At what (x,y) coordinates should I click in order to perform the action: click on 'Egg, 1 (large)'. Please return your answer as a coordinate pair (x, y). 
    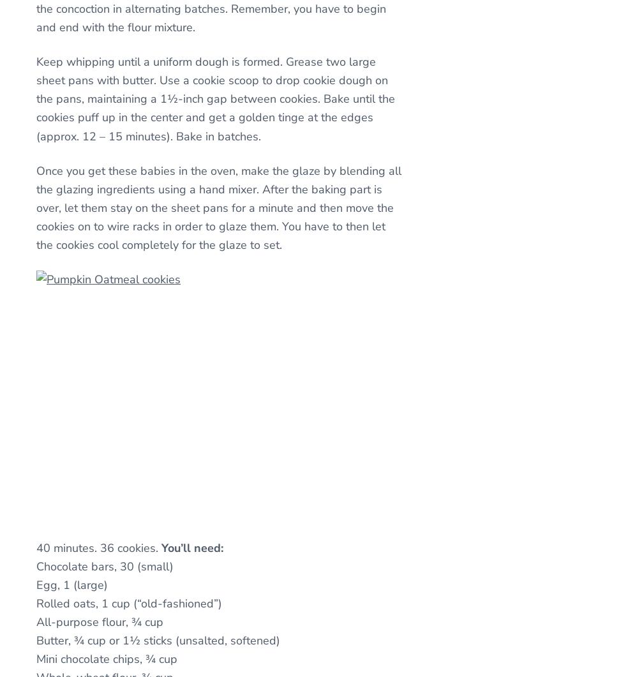
    Looking at the image, I should click on (71, 583).